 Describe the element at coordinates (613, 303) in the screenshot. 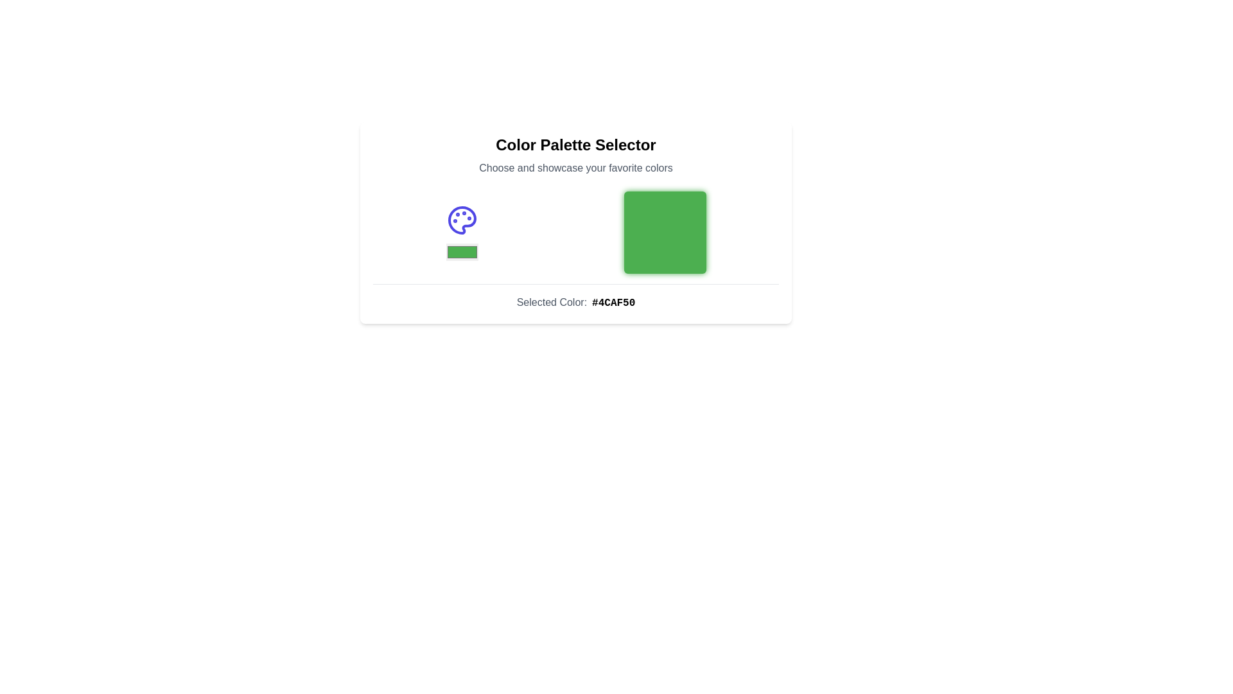

I see `text displayed in the Text Label that shows the hexadecimal code of the currently selected color, which is '#4CAF50', situated below the color palette` at that location.